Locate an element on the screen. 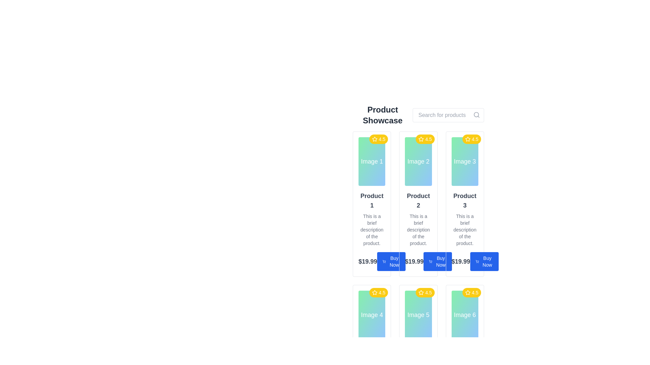 The image size is (650, 365). the rating star icon located in the rating section of the first product card, positioned above the product title and image is located at coordinates (374, 139).